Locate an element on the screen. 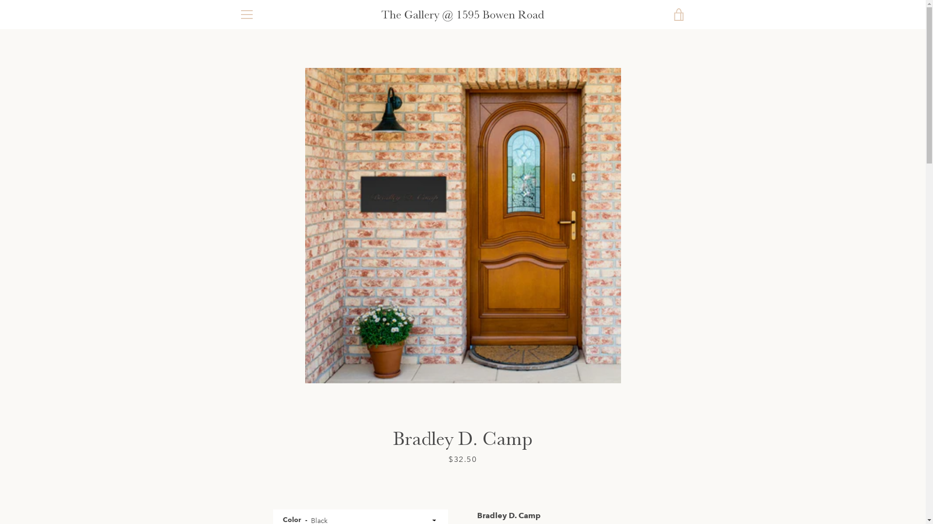 The width and height of the screenshot is (933, 524). 'REFUND POLICY' is located at coordinates (265, 431).